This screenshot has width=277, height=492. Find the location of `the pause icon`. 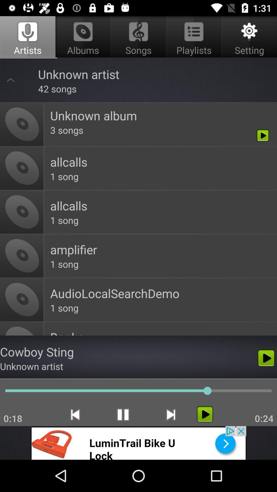

the pause icon is located at coordinates (123, 415).